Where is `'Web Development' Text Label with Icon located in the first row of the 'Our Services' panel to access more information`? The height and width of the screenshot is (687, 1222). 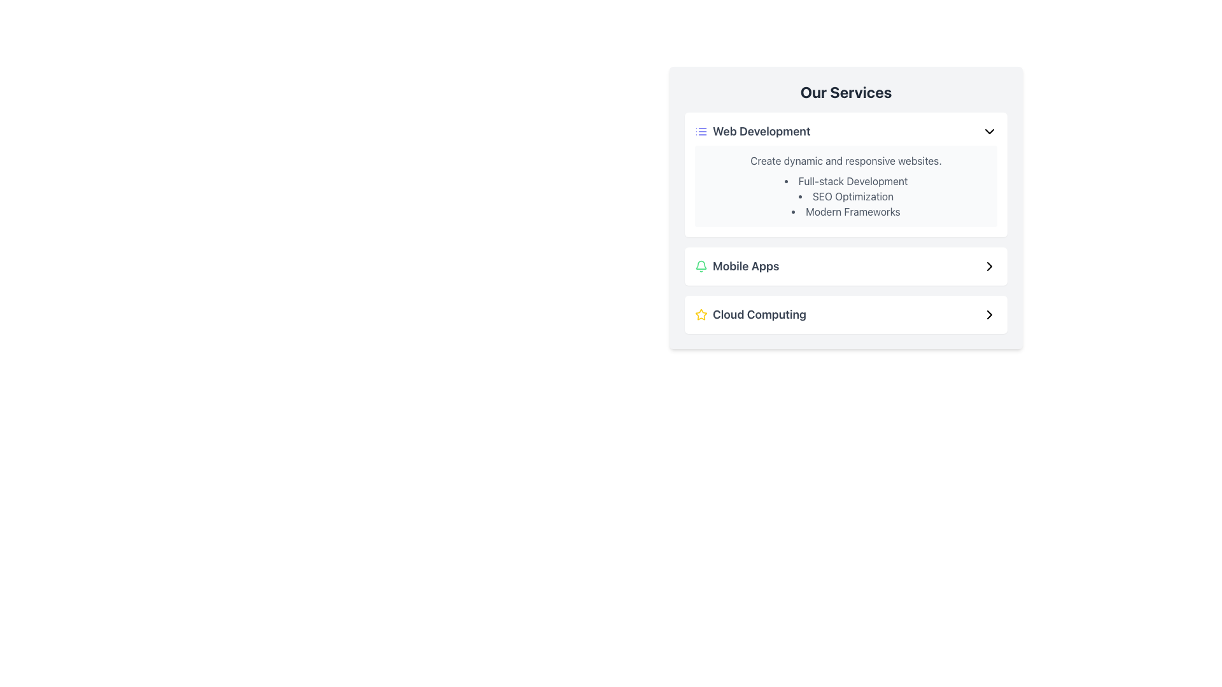
'Web Development' Text Label with Icon located in the first row of the 'Our Services' panel to access more information is located at coordinates (752, 132).